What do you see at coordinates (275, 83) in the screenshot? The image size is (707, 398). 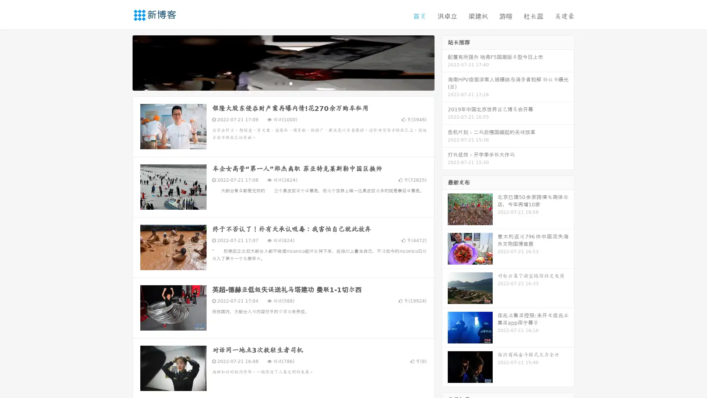 I see `Go to slide 1` at bounding box center [275, 83].